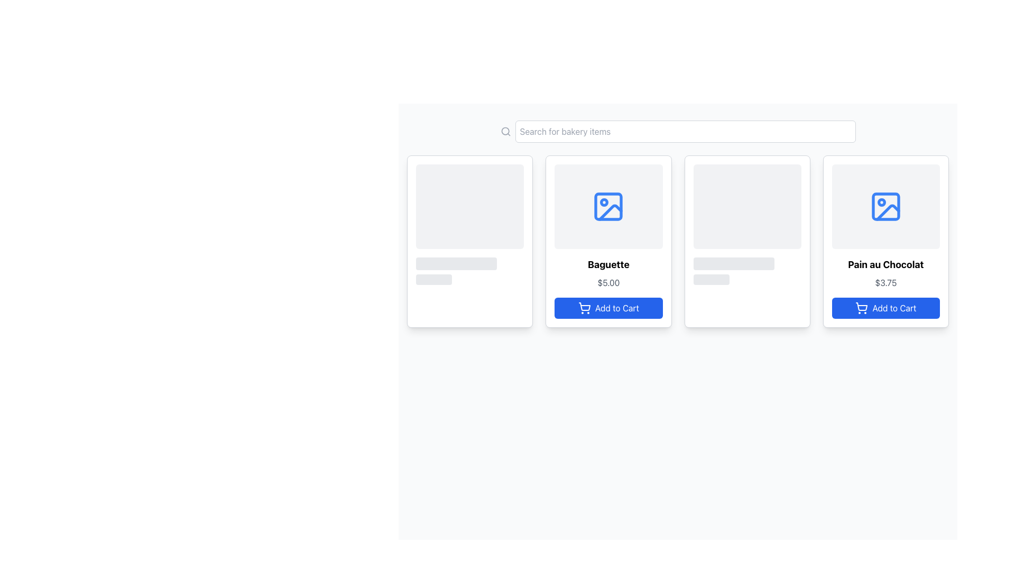 The image size is (1015, 571). I want to click on the diagonal line segment forming the bottom edge of the triangle within the blue outlined icon of the 'Pain au Chocolat' product card, so click(888, 213).